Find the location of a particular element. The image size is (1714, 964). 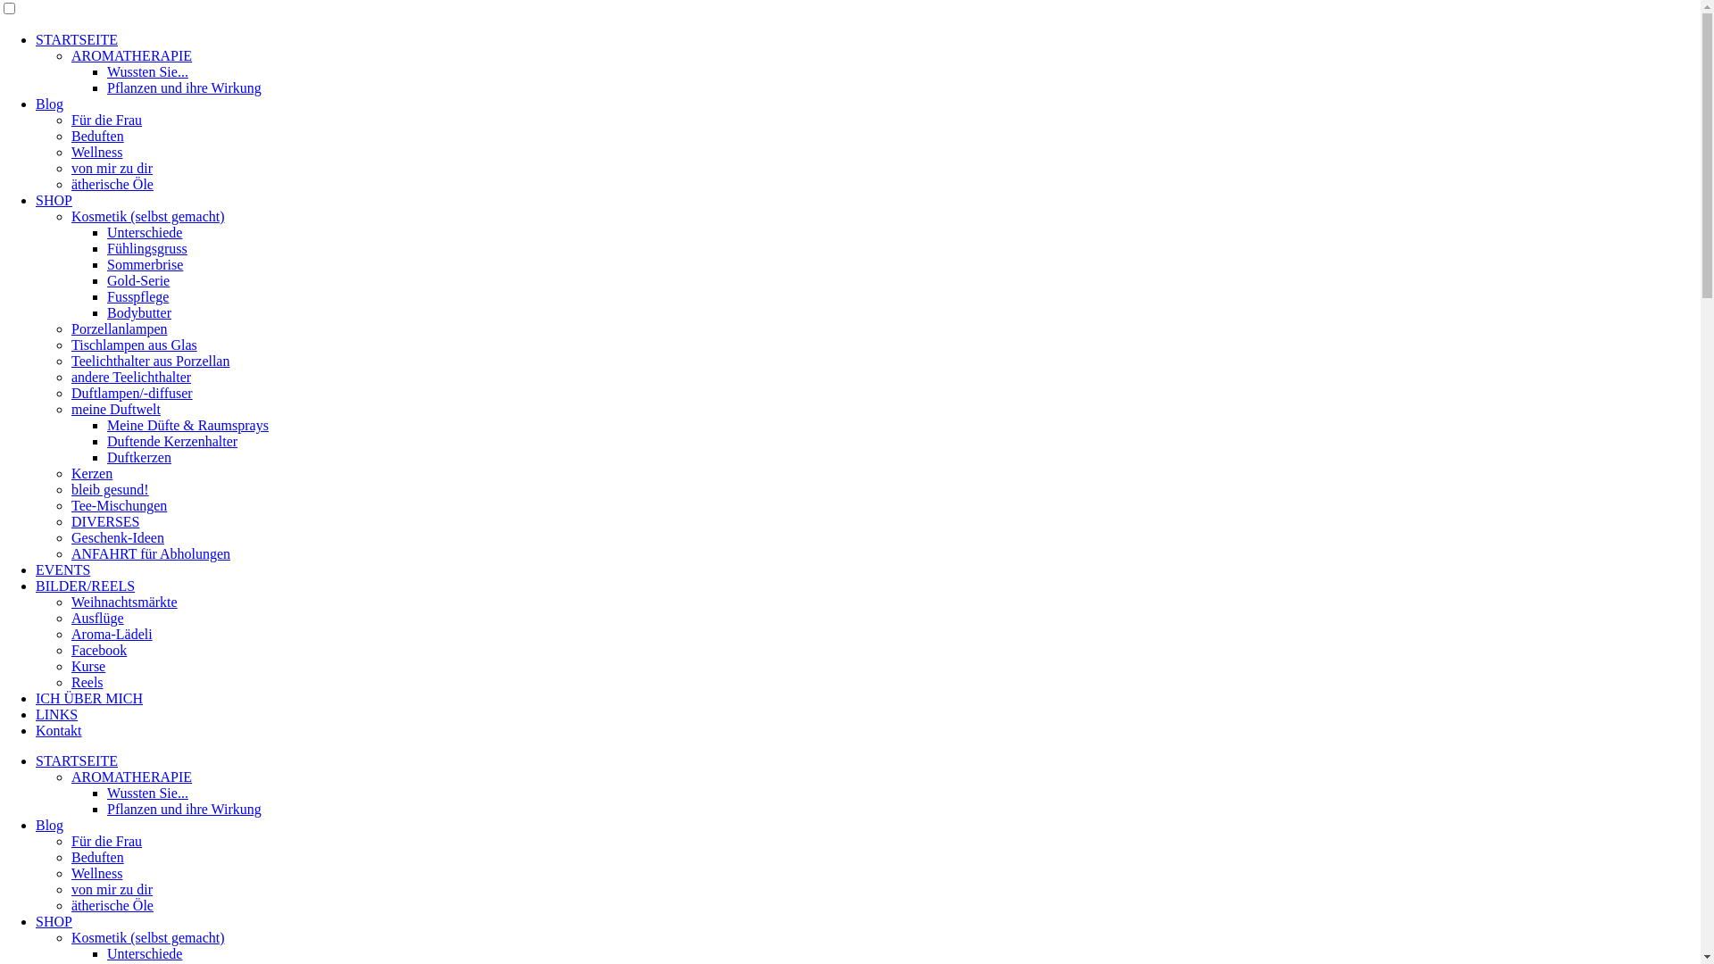

'meine Duftwelt' is located at coordinates (114, 409).